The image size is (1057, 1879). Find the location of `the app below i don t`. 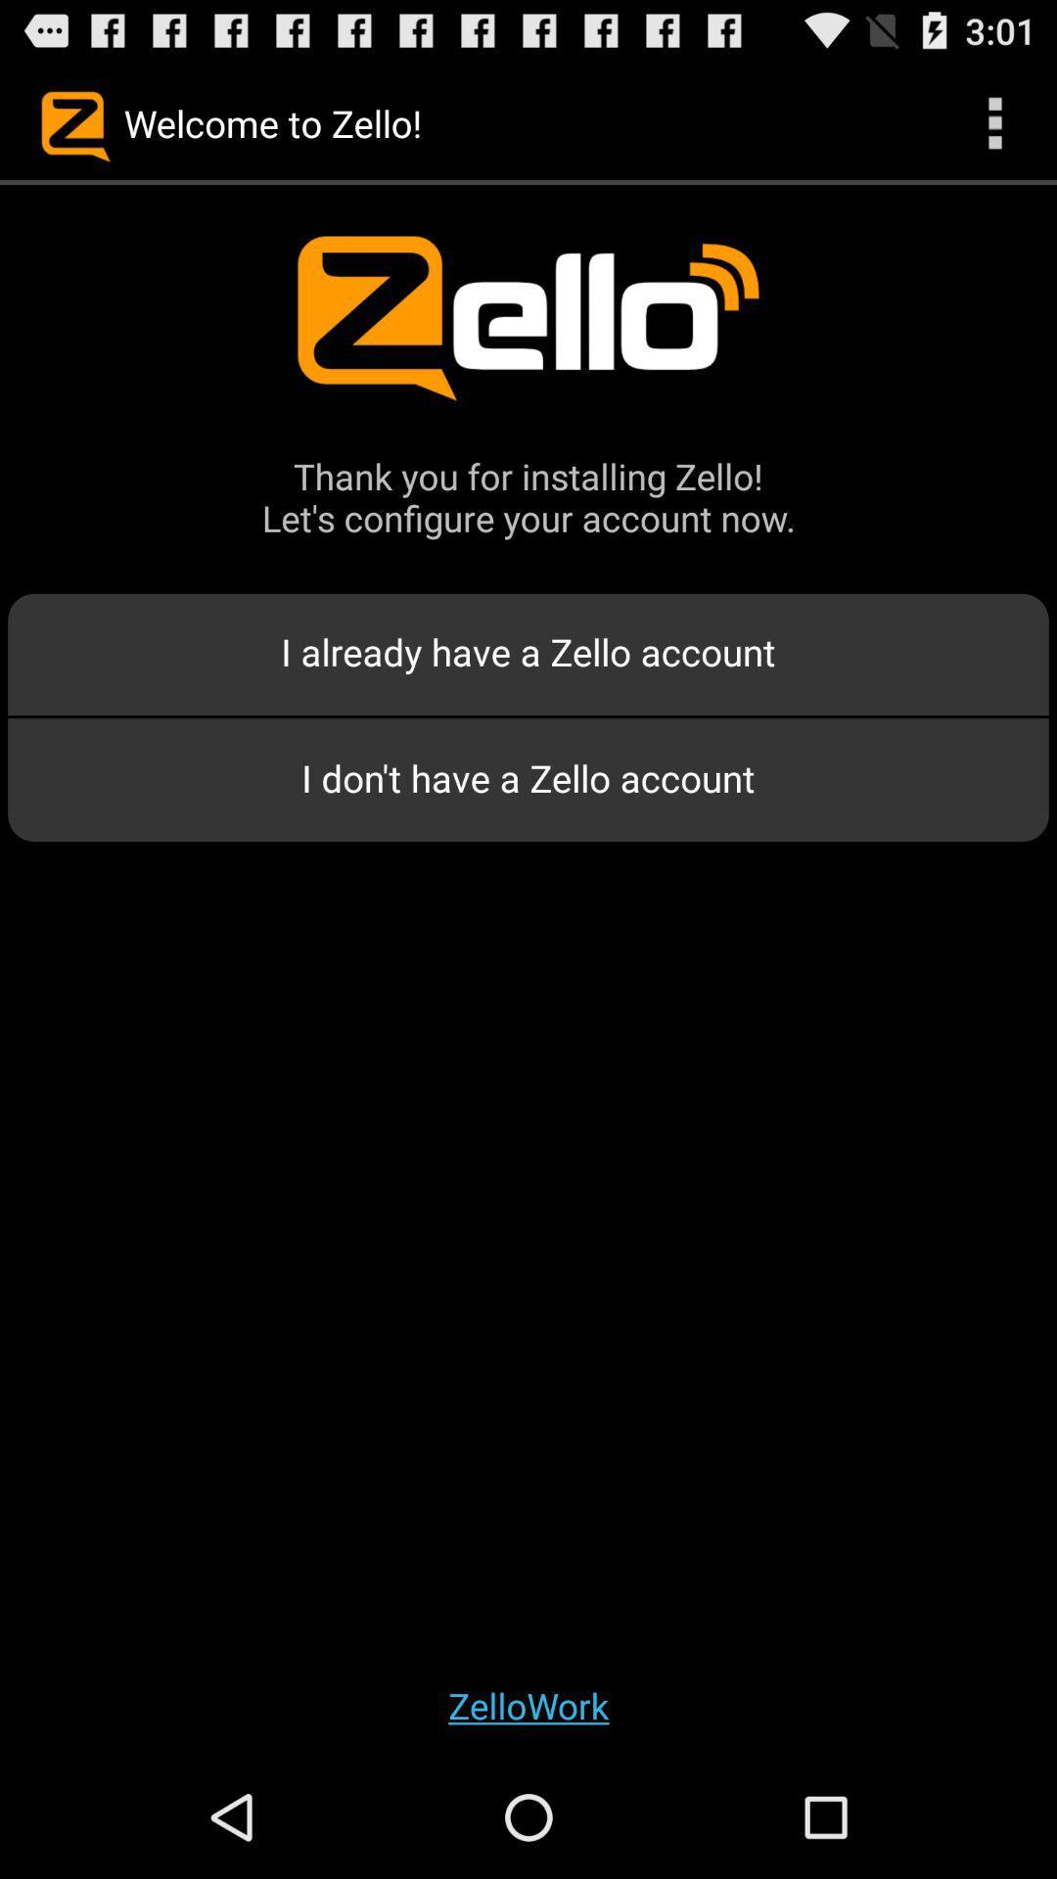

the app below i don t is located at coordinates (528, 1704).